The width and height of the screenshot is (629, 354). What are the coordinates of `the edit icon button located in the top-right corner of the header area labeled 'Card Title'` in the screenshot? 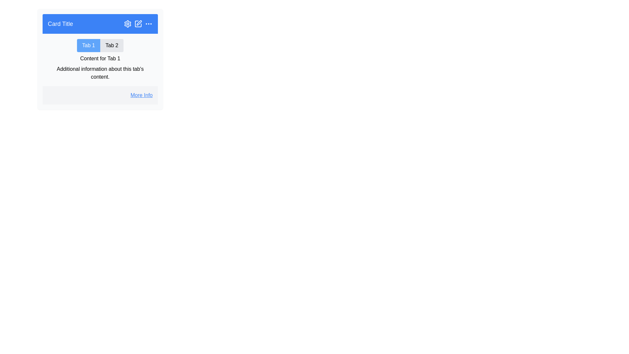 It's located at (138, 24).